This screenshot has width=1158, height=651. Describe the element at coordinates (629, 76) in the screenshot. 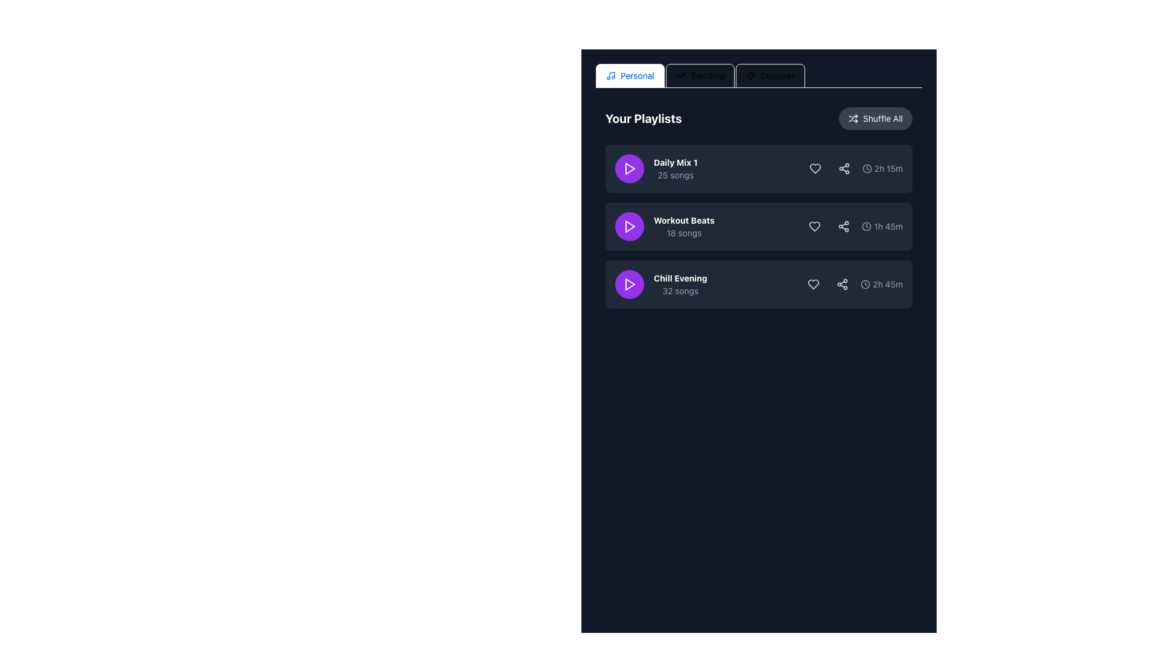

I see `the 'Personal' tab located at the upper part of the page, which is the first among three horizontally aligned tabs` at that location.